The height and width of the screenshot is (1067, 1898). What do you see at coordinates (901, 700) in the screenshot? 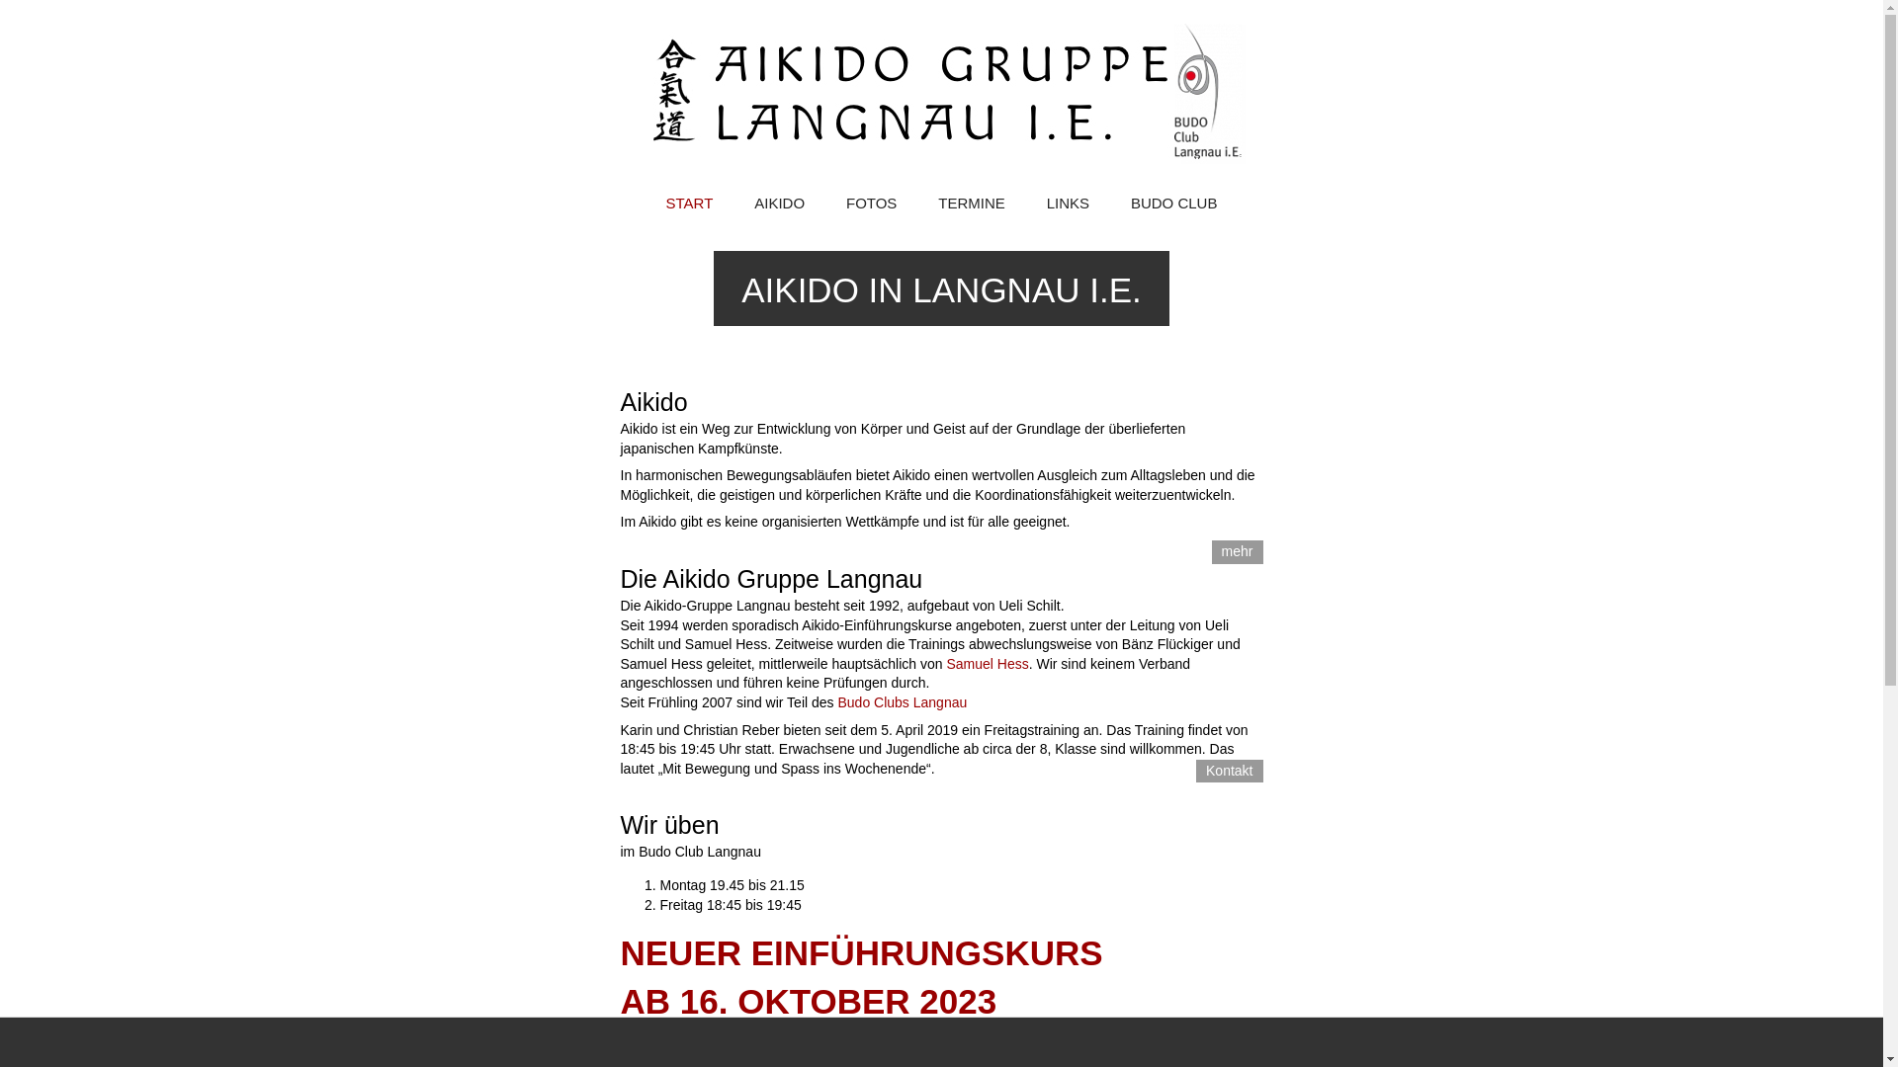
I see `'Budo Clubs Langnau'` at bounding box center [901, 700].